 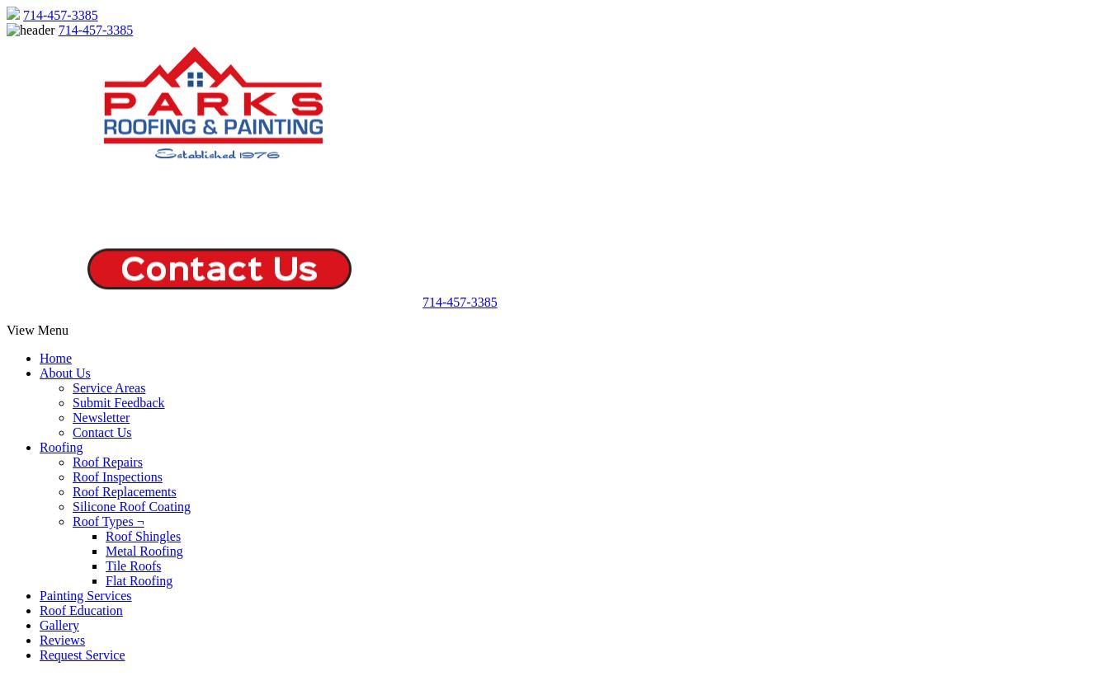 What do you see at coordinates (59, 446) in the screenshot?
I see `'Roofing'` at bounding box center [59, 446].